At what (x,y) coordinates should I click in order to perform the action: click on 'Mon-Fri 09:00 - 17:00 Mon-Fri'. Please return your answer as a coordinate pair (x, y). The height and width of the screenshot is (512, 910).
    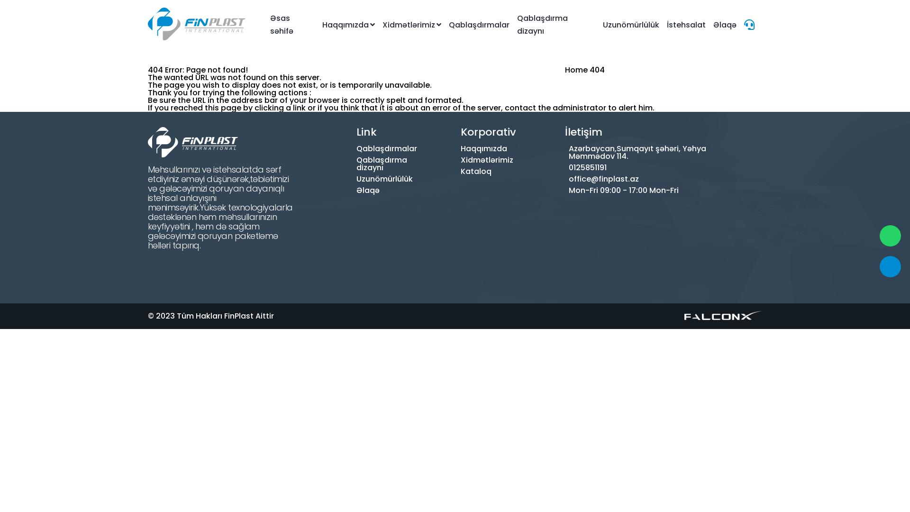
    Looking at the image, I should click on (637, 190).